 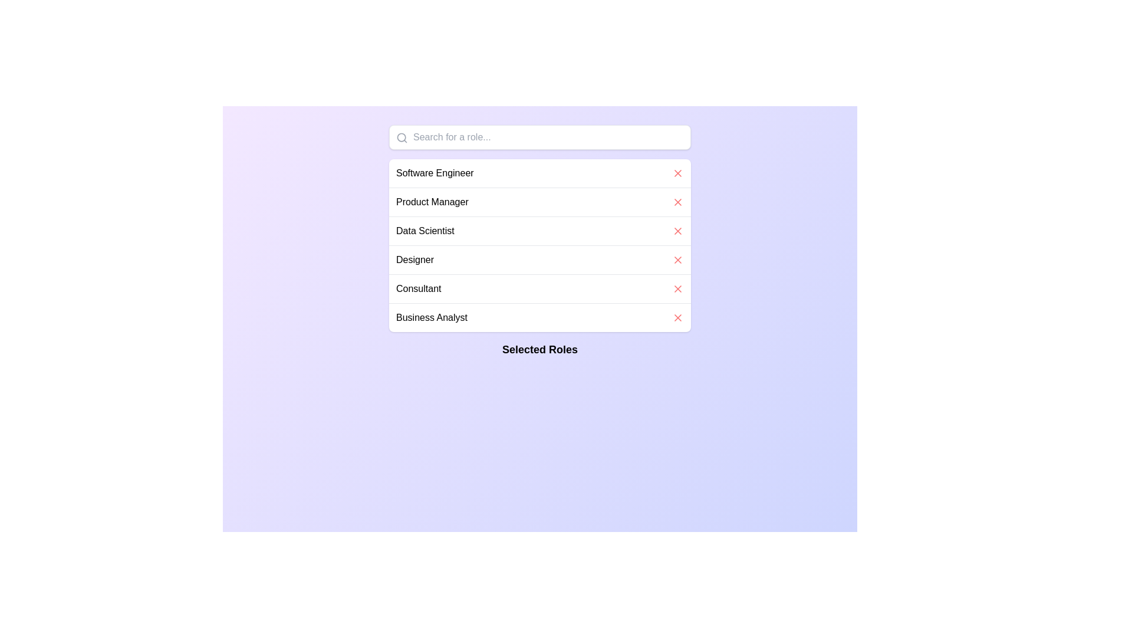 What do you see at coordinates (678, 259) in the screenshot?
I see `the close button for the 'Designer' role item, located to the right of the 'Designer' label in the list of roles, to potentially reveal tooltips` at bounding box center [678, 259].